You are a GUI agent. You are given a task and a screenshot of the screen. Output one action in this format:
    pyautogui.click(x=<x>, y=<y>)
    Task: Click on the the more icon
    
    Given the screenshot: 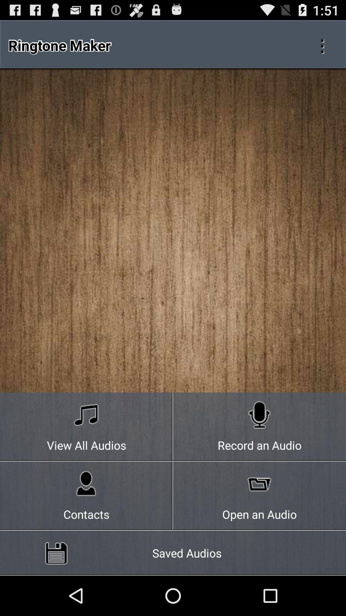 What is the action you would take?
    pyautogui.click(x=322, y=48)
    